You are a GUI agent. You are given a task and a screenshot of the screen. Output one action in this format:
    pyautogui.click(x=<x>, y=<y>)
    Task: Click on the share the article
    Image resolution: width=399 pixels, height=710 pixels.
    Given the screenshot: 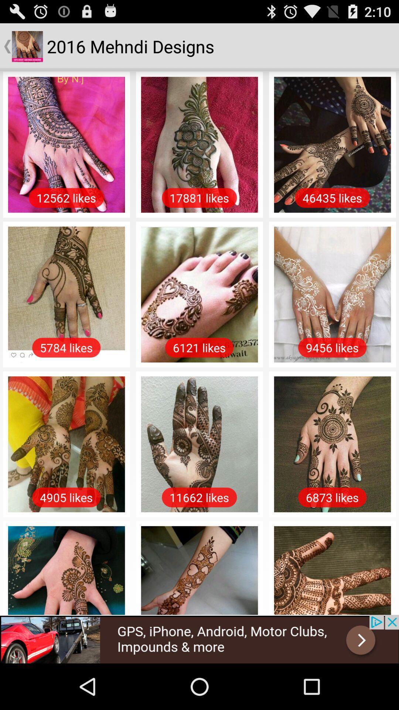 What is the action you would take?
    pyautogui.click(x=199, y=639)
    